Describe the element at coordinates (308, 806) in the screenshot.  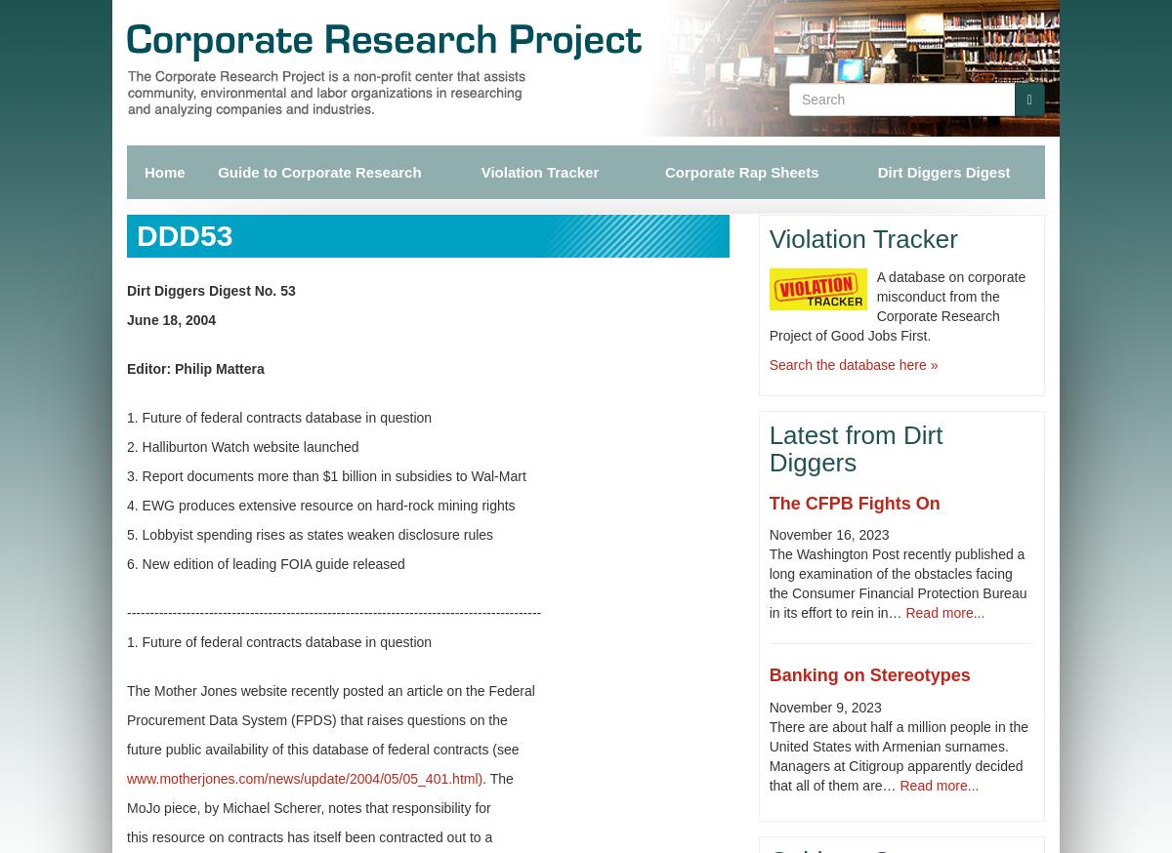
I see `'MoJo piece, by Michael Scherer, notes that responsibility for'` at that location.